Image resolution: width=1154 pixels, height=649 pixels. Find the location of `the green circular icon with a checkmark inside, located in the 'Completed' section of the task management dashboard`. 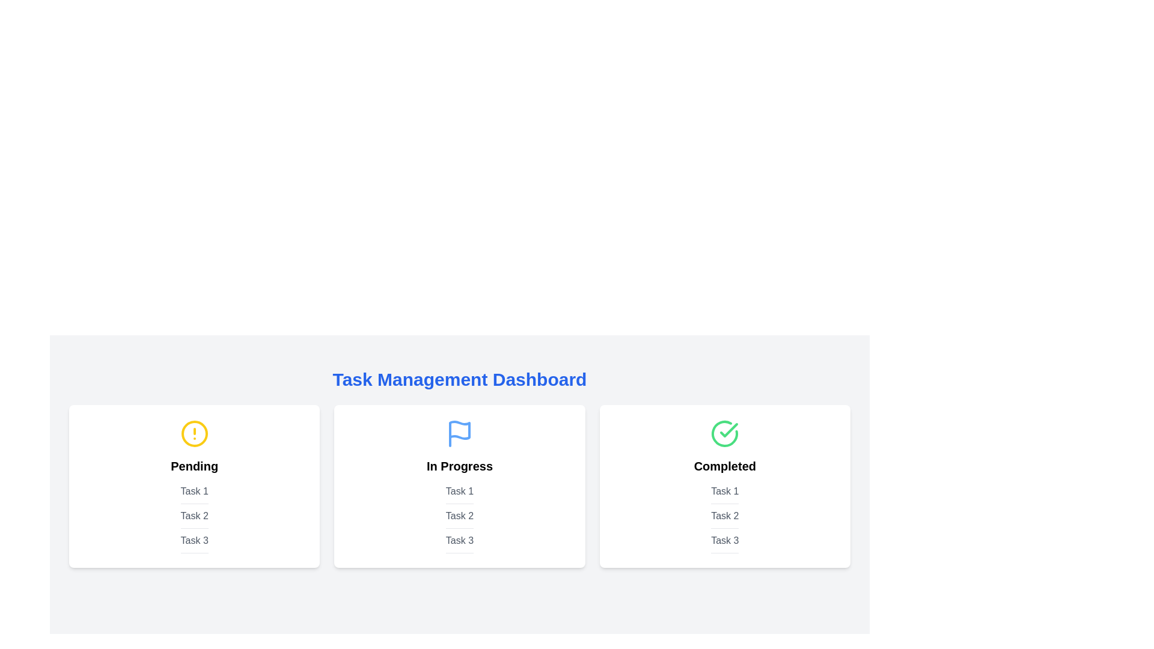

the green circular icon with a checkmark inside, located in the 'Completed' section of the task management dashboard is located at coordinates (724, 433).